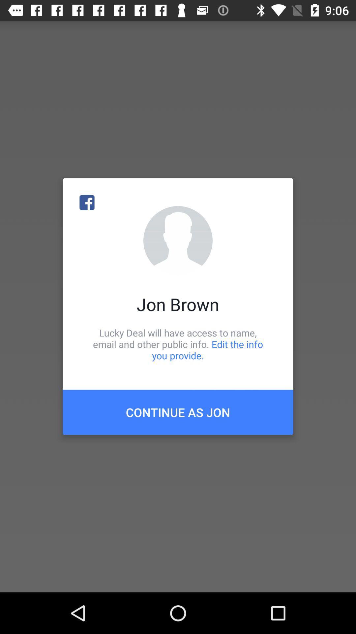 The height and width of the screenshot is (634, 356). I want to click on the continue as jon, so click(178, 412).